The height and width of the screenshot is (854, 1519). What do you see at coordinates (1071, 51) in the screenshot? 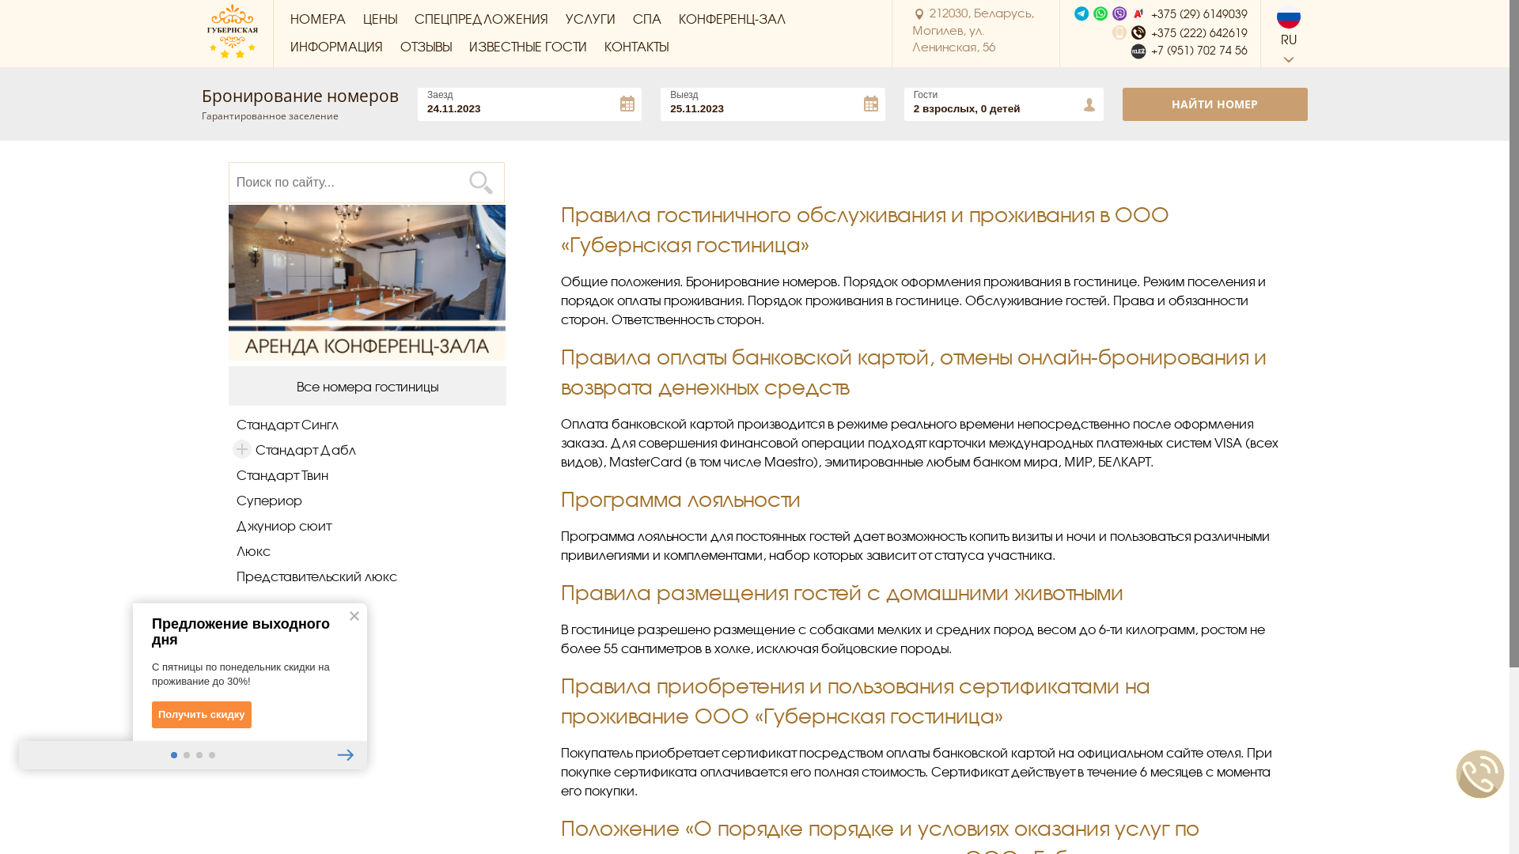
I see `'+7 (951) 702 74 56'` at bounding box center [1071, 51].